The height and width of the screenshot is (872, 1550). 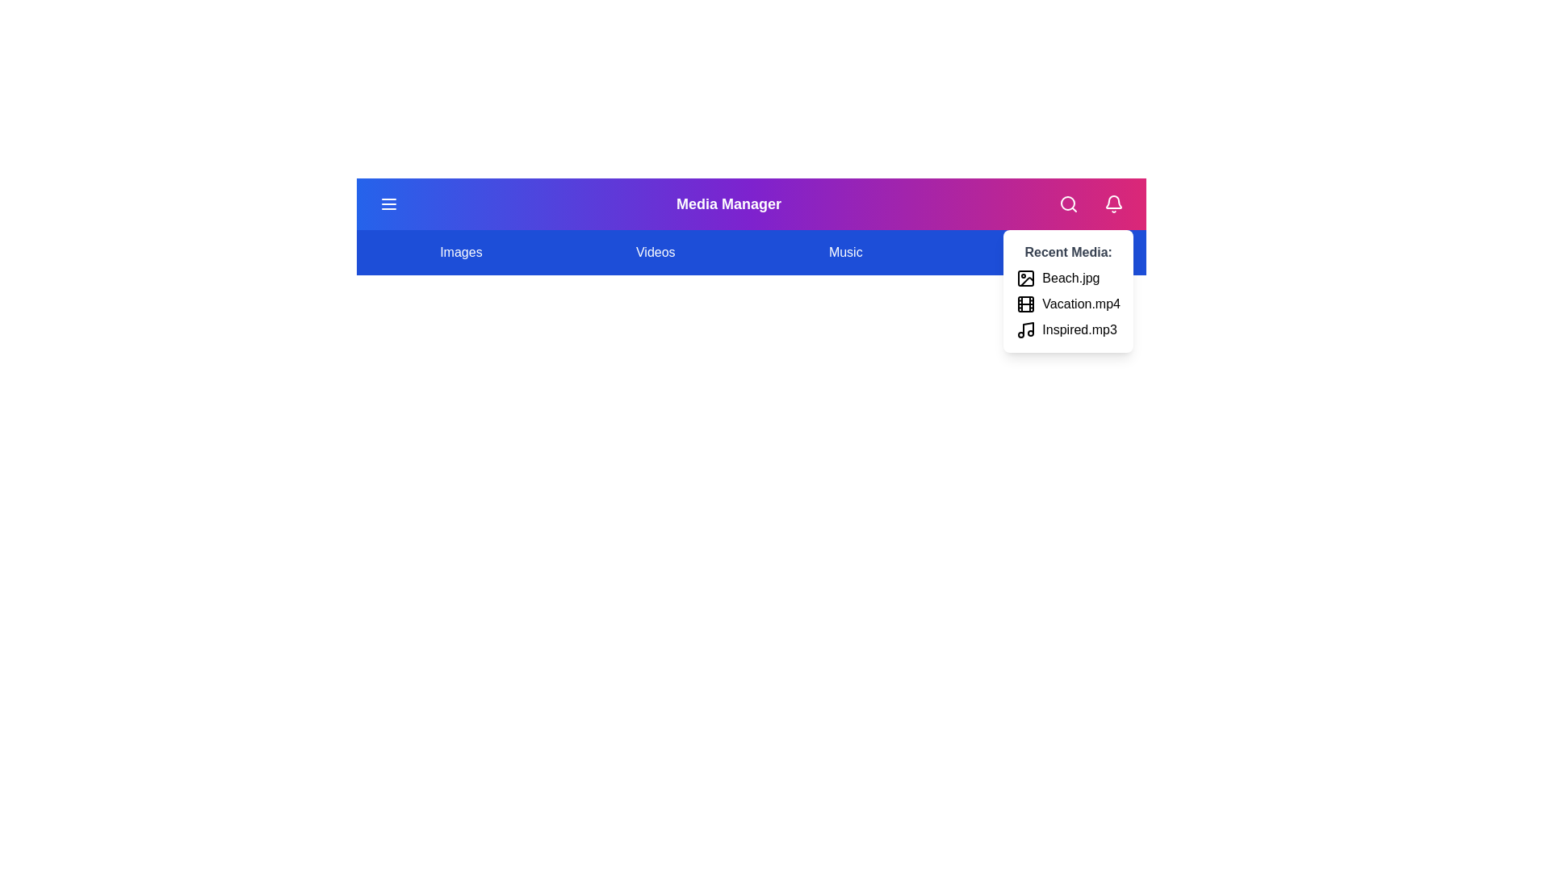 I want to click on the media item Inspired.mp3 from the recent media list, so click(x=1025, y=329).